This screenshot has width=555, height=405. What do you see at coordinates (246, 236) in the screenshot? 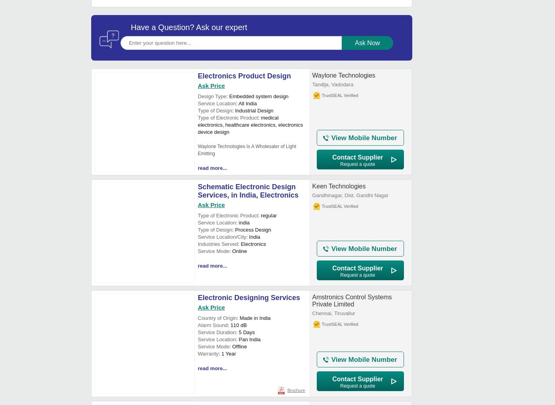
I see `':  India'` at bounding box center [246, 236].